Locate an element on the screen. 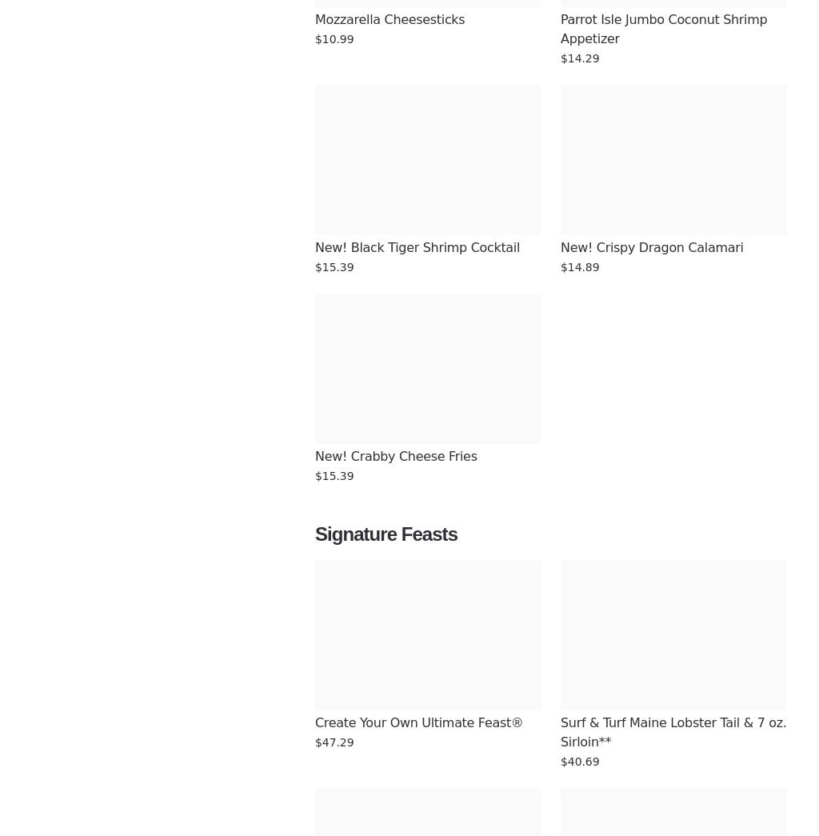 The height and width of the screenshot is (836, 819). '$14.89' is located at coordinates (579, 266).